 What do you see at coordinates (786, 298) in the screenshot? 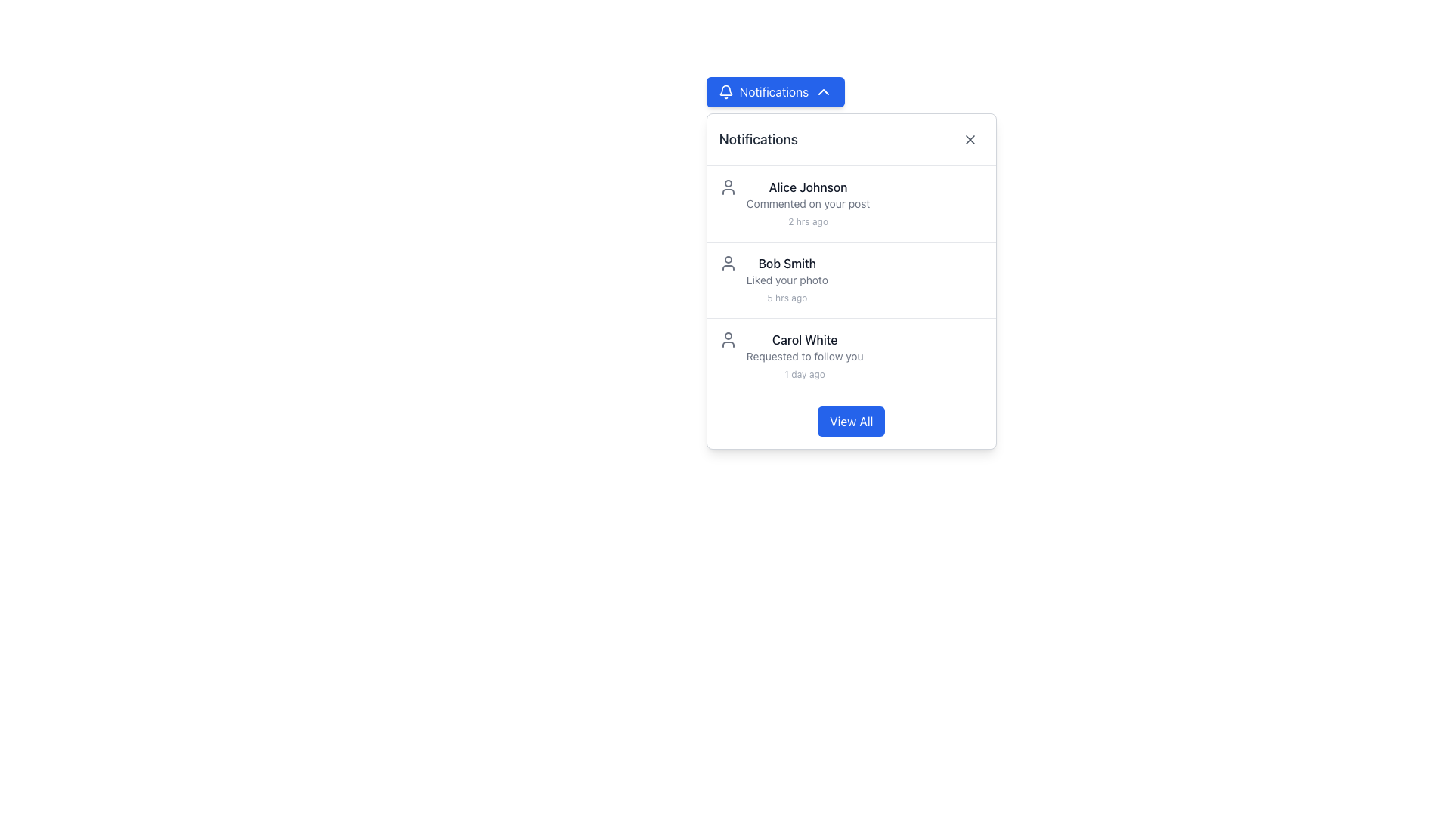
I see `timestamp text located at the bottom of the notification indicating when 'Bob Smith liked your photo' occurred` at bounding box center [786, 298].